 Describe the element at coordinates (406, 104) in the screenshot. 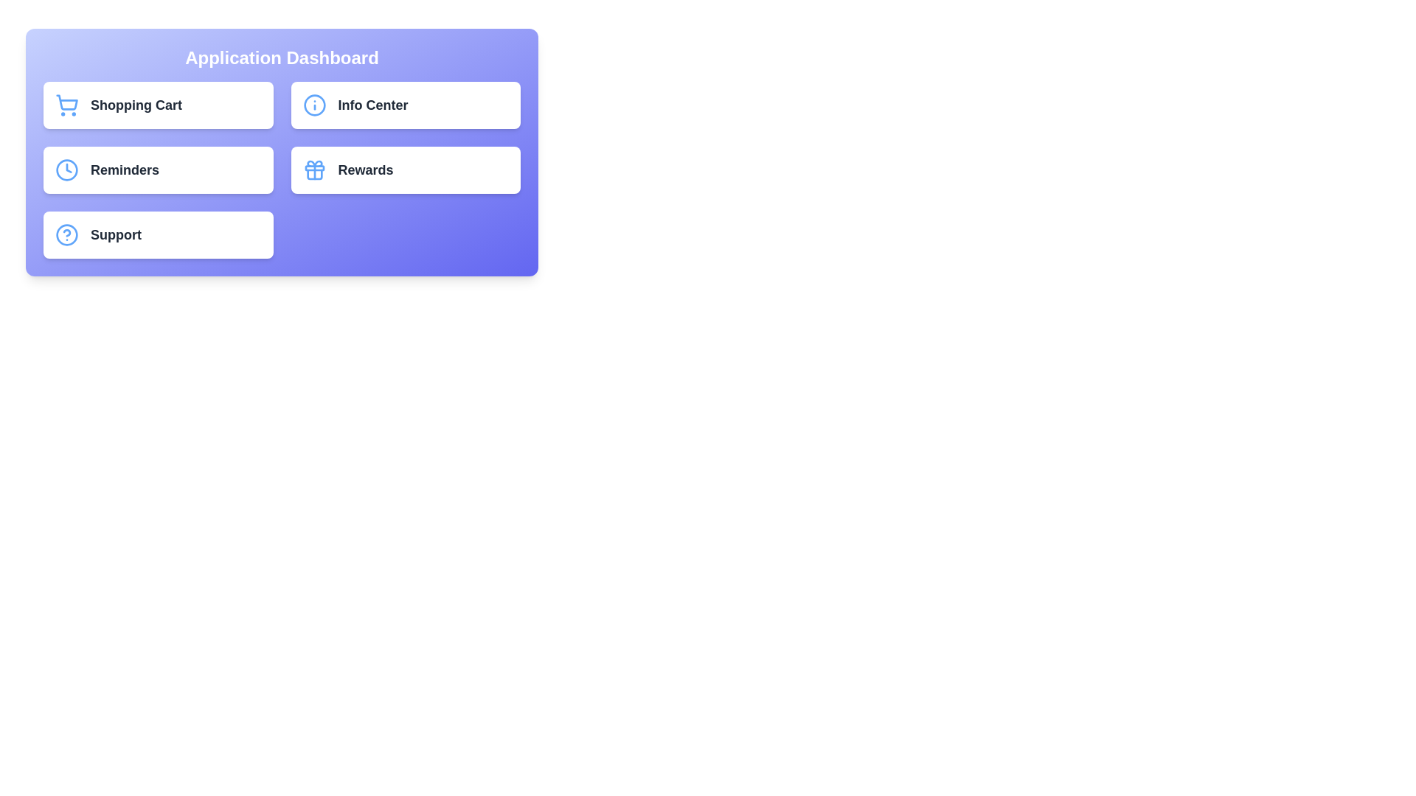

I see `the 'Info Center' card located in the top-right section of the interface, which is the second card in the top row of a 2x3 grid layout` at that location.